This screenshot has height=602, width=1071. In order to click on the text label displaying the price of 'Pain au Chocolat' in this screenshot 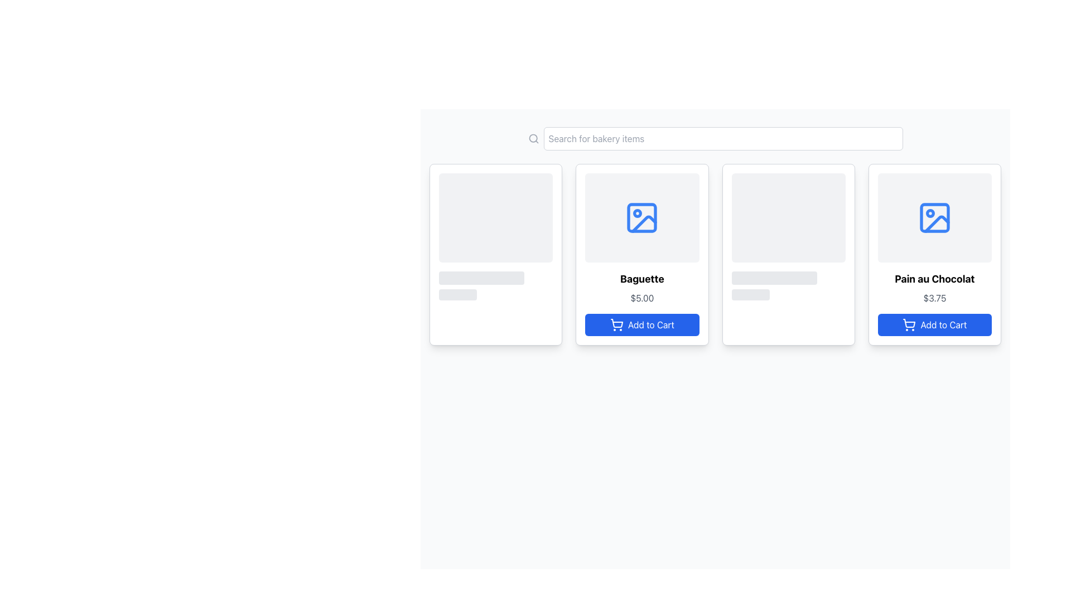, I will do `click(934, 298)`.